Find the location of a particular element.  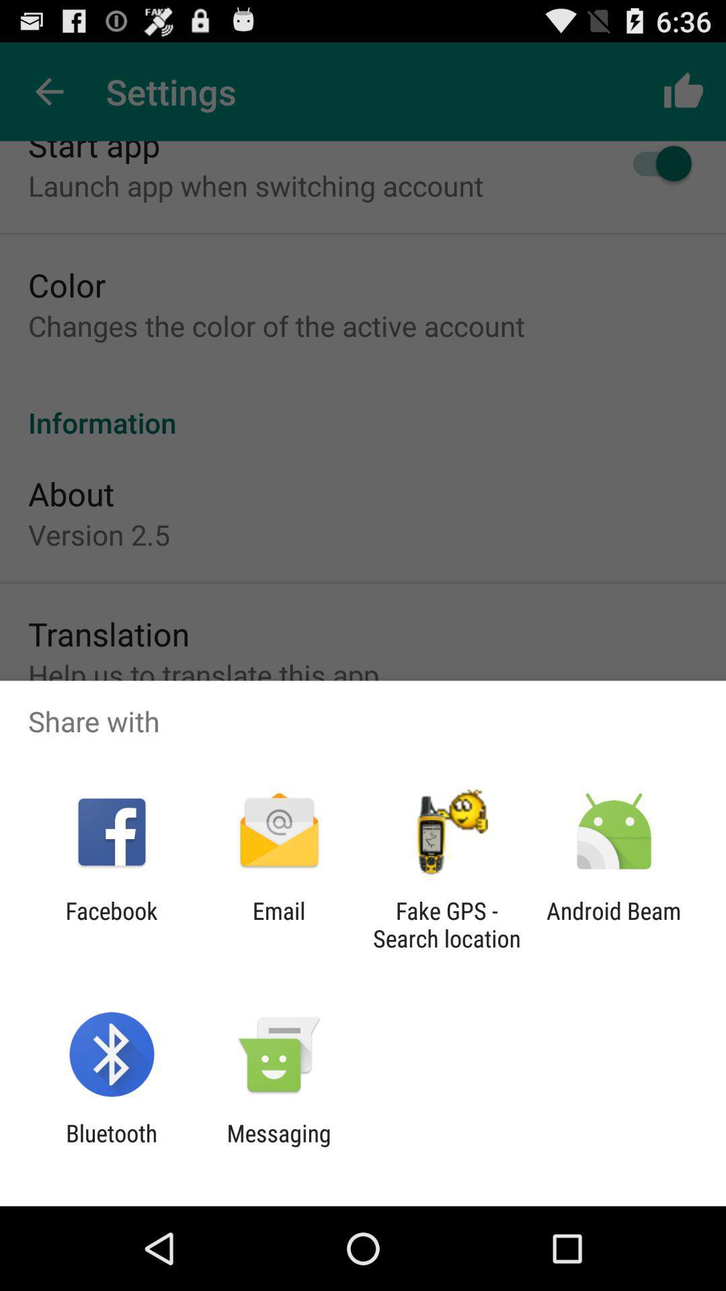

fake gps search item is located at coordinates (446, 924).